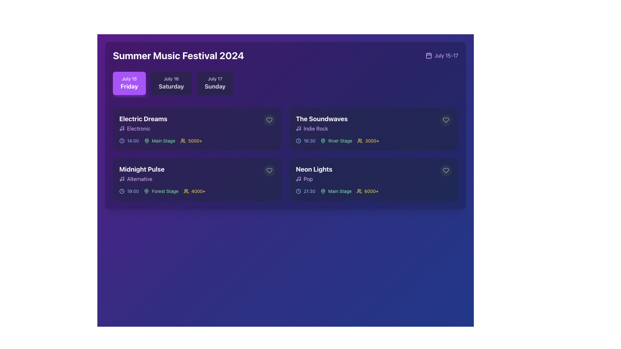 This screenshot has height=349, width=621. What do you see at coordinates (186, 191) in the screenshot?
I see `the attendee icon for the 'Midnight Pulse' event located at the bottom left corner of the interface, next to the text '4000+'` at bounding box center [186, 191].